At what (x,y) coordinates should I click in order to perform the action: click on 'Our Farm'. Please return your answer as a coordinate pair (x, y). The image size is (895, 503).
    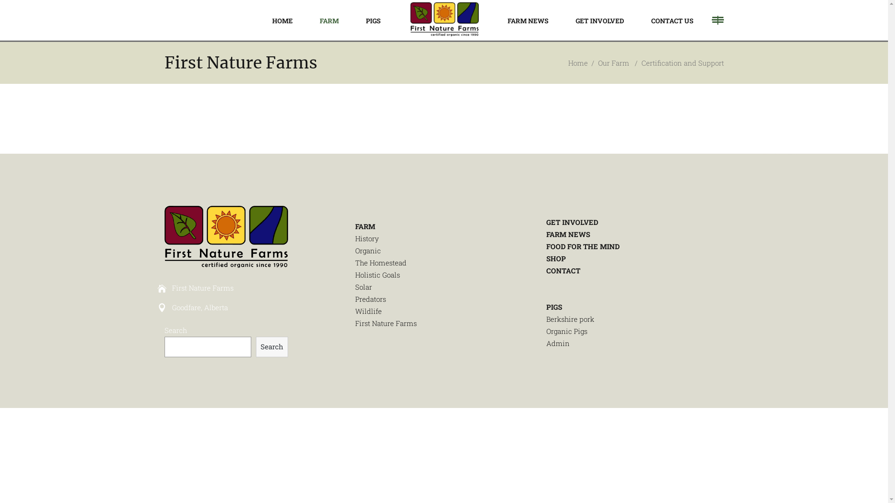
    Looking at the image, I should click on (613, 63).